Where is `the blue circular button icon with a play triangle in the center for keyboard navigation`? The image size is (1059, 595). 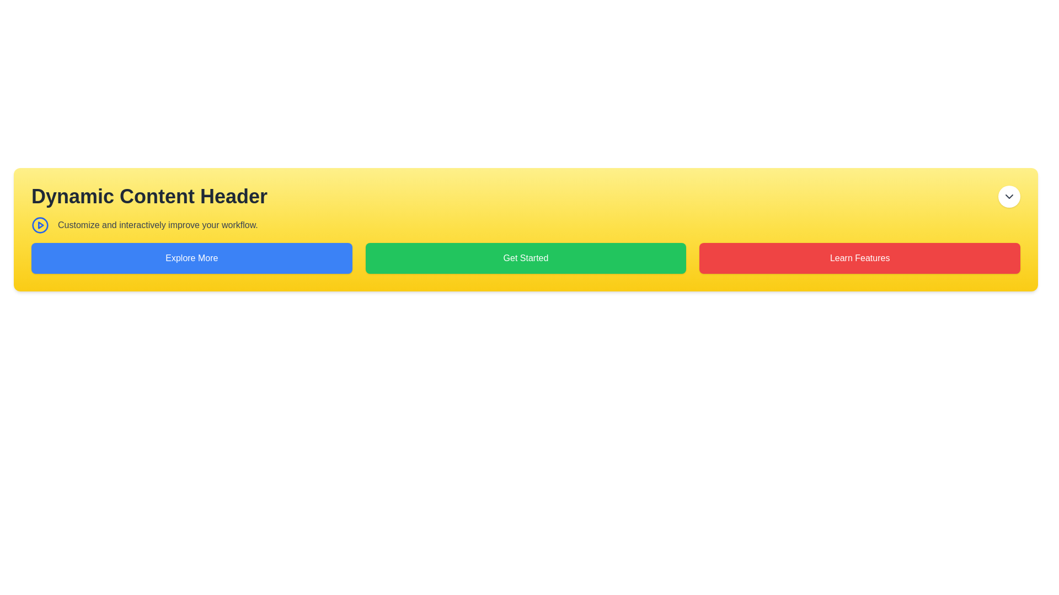 the blue circular button icon with a play triangle in the center for keyboard navigation is located at coordinates (40, 224).